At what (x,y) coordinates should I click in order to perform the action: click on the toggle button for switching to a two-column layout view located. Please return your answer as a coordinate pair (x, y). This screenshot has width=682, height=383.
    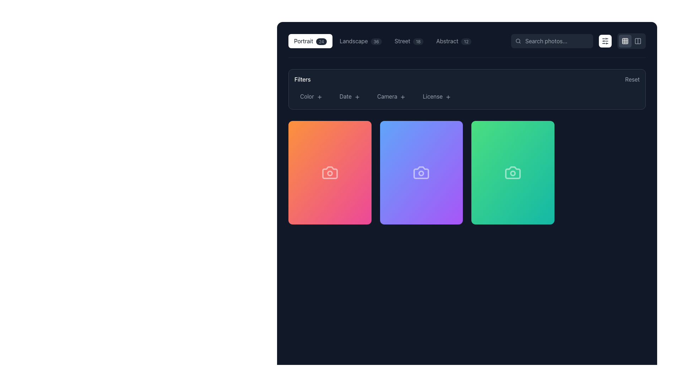
    Looking at the image, I should click on (638, 41).